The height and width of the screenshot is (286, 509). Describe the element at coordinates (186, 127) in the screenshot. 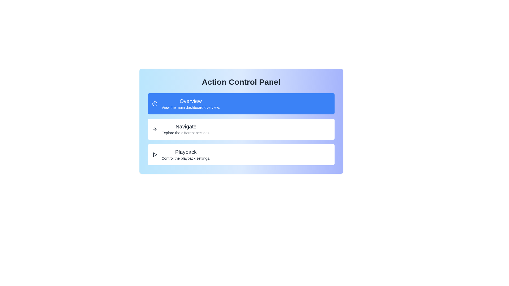

I see `the prominent 'Navigate' text label, which is bold and larger in font size, displayed in dark text on a light background, centered horizontally within the second panel` at that location.